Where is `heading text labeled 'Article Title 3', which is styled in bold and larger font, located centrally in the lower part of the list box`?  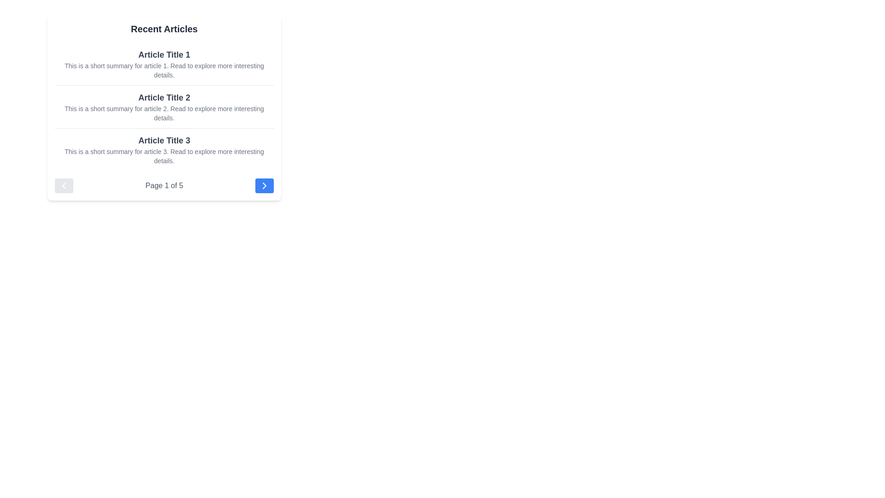
heading text labeled 'Article Title 3', which is styled in bold and larger font, located centrally in the lower part of the list box is located at coordinates (164, 140).